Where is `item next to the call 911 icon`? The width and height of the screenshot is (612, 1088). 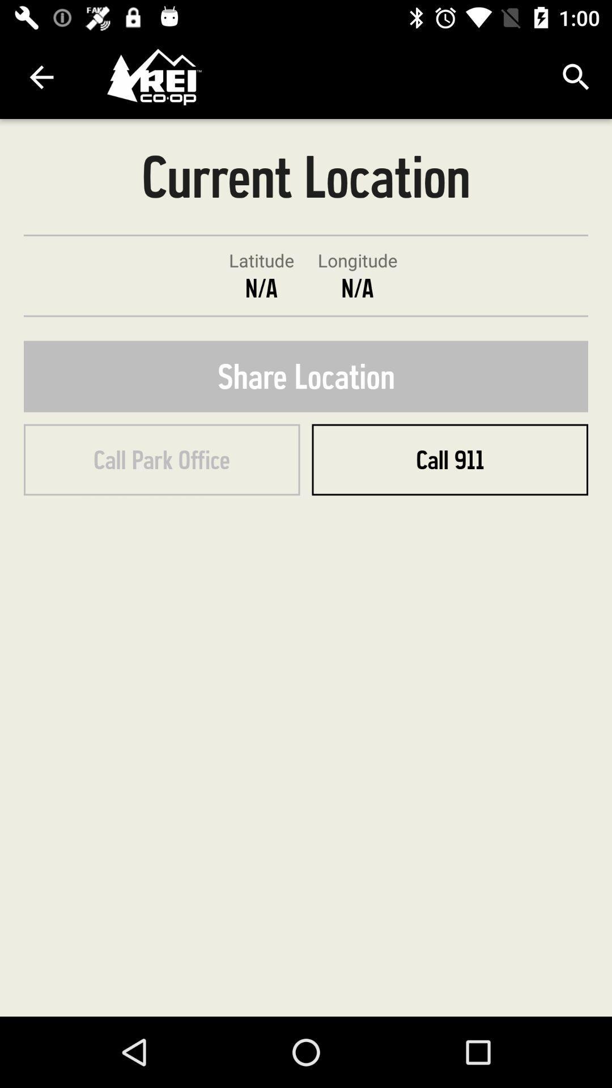
item next to the call 911 icon is located at coordinates (161, 460).